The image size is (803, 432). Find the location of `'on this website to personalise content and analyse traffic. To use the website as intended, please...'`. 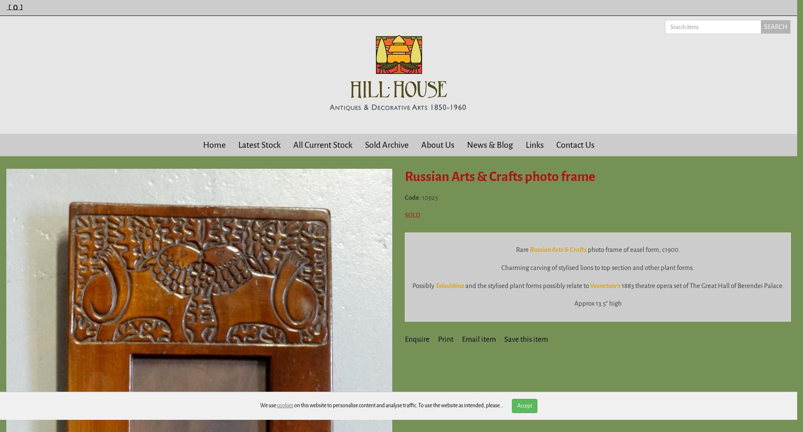

'on this website to personalise content and analyse traffic. To use the website as intended, please...' is located at coordinates (398, 405).